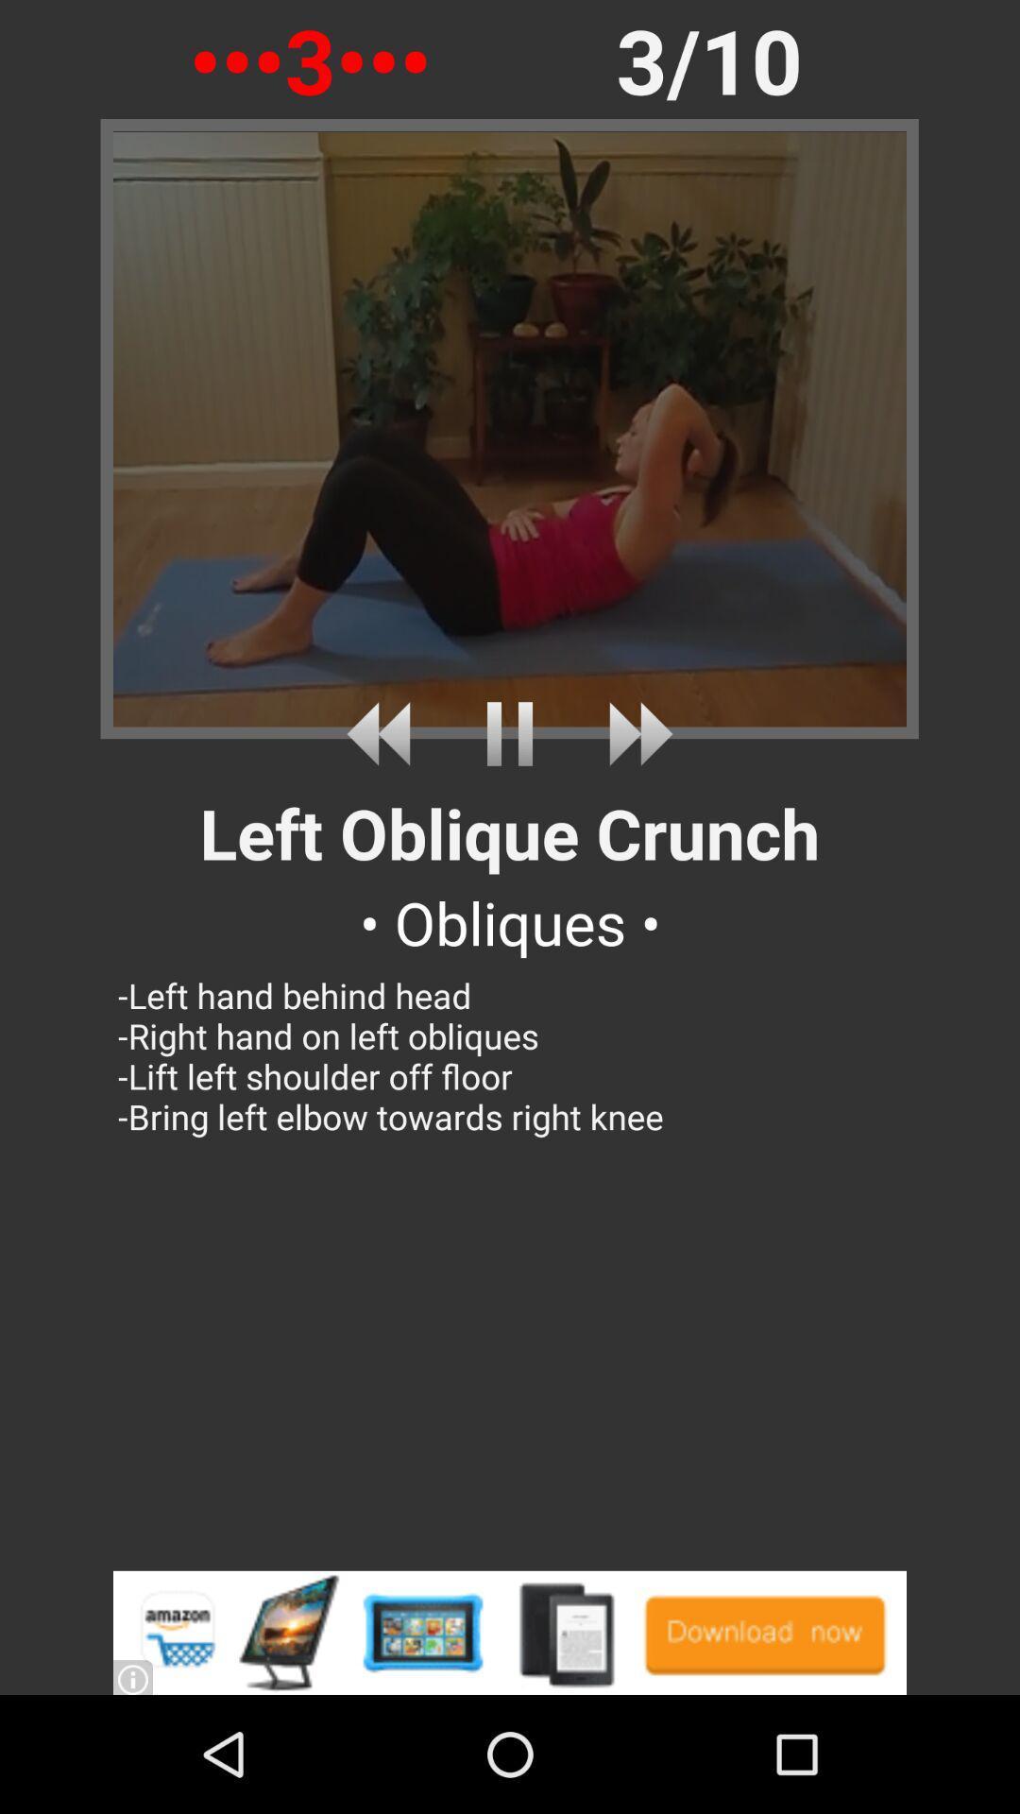 Image resolution: width=1020 pixels, height=1814 pixels. Describe the element at coordinates (384, 733) in the screenshot. I see `rewind` at that location.